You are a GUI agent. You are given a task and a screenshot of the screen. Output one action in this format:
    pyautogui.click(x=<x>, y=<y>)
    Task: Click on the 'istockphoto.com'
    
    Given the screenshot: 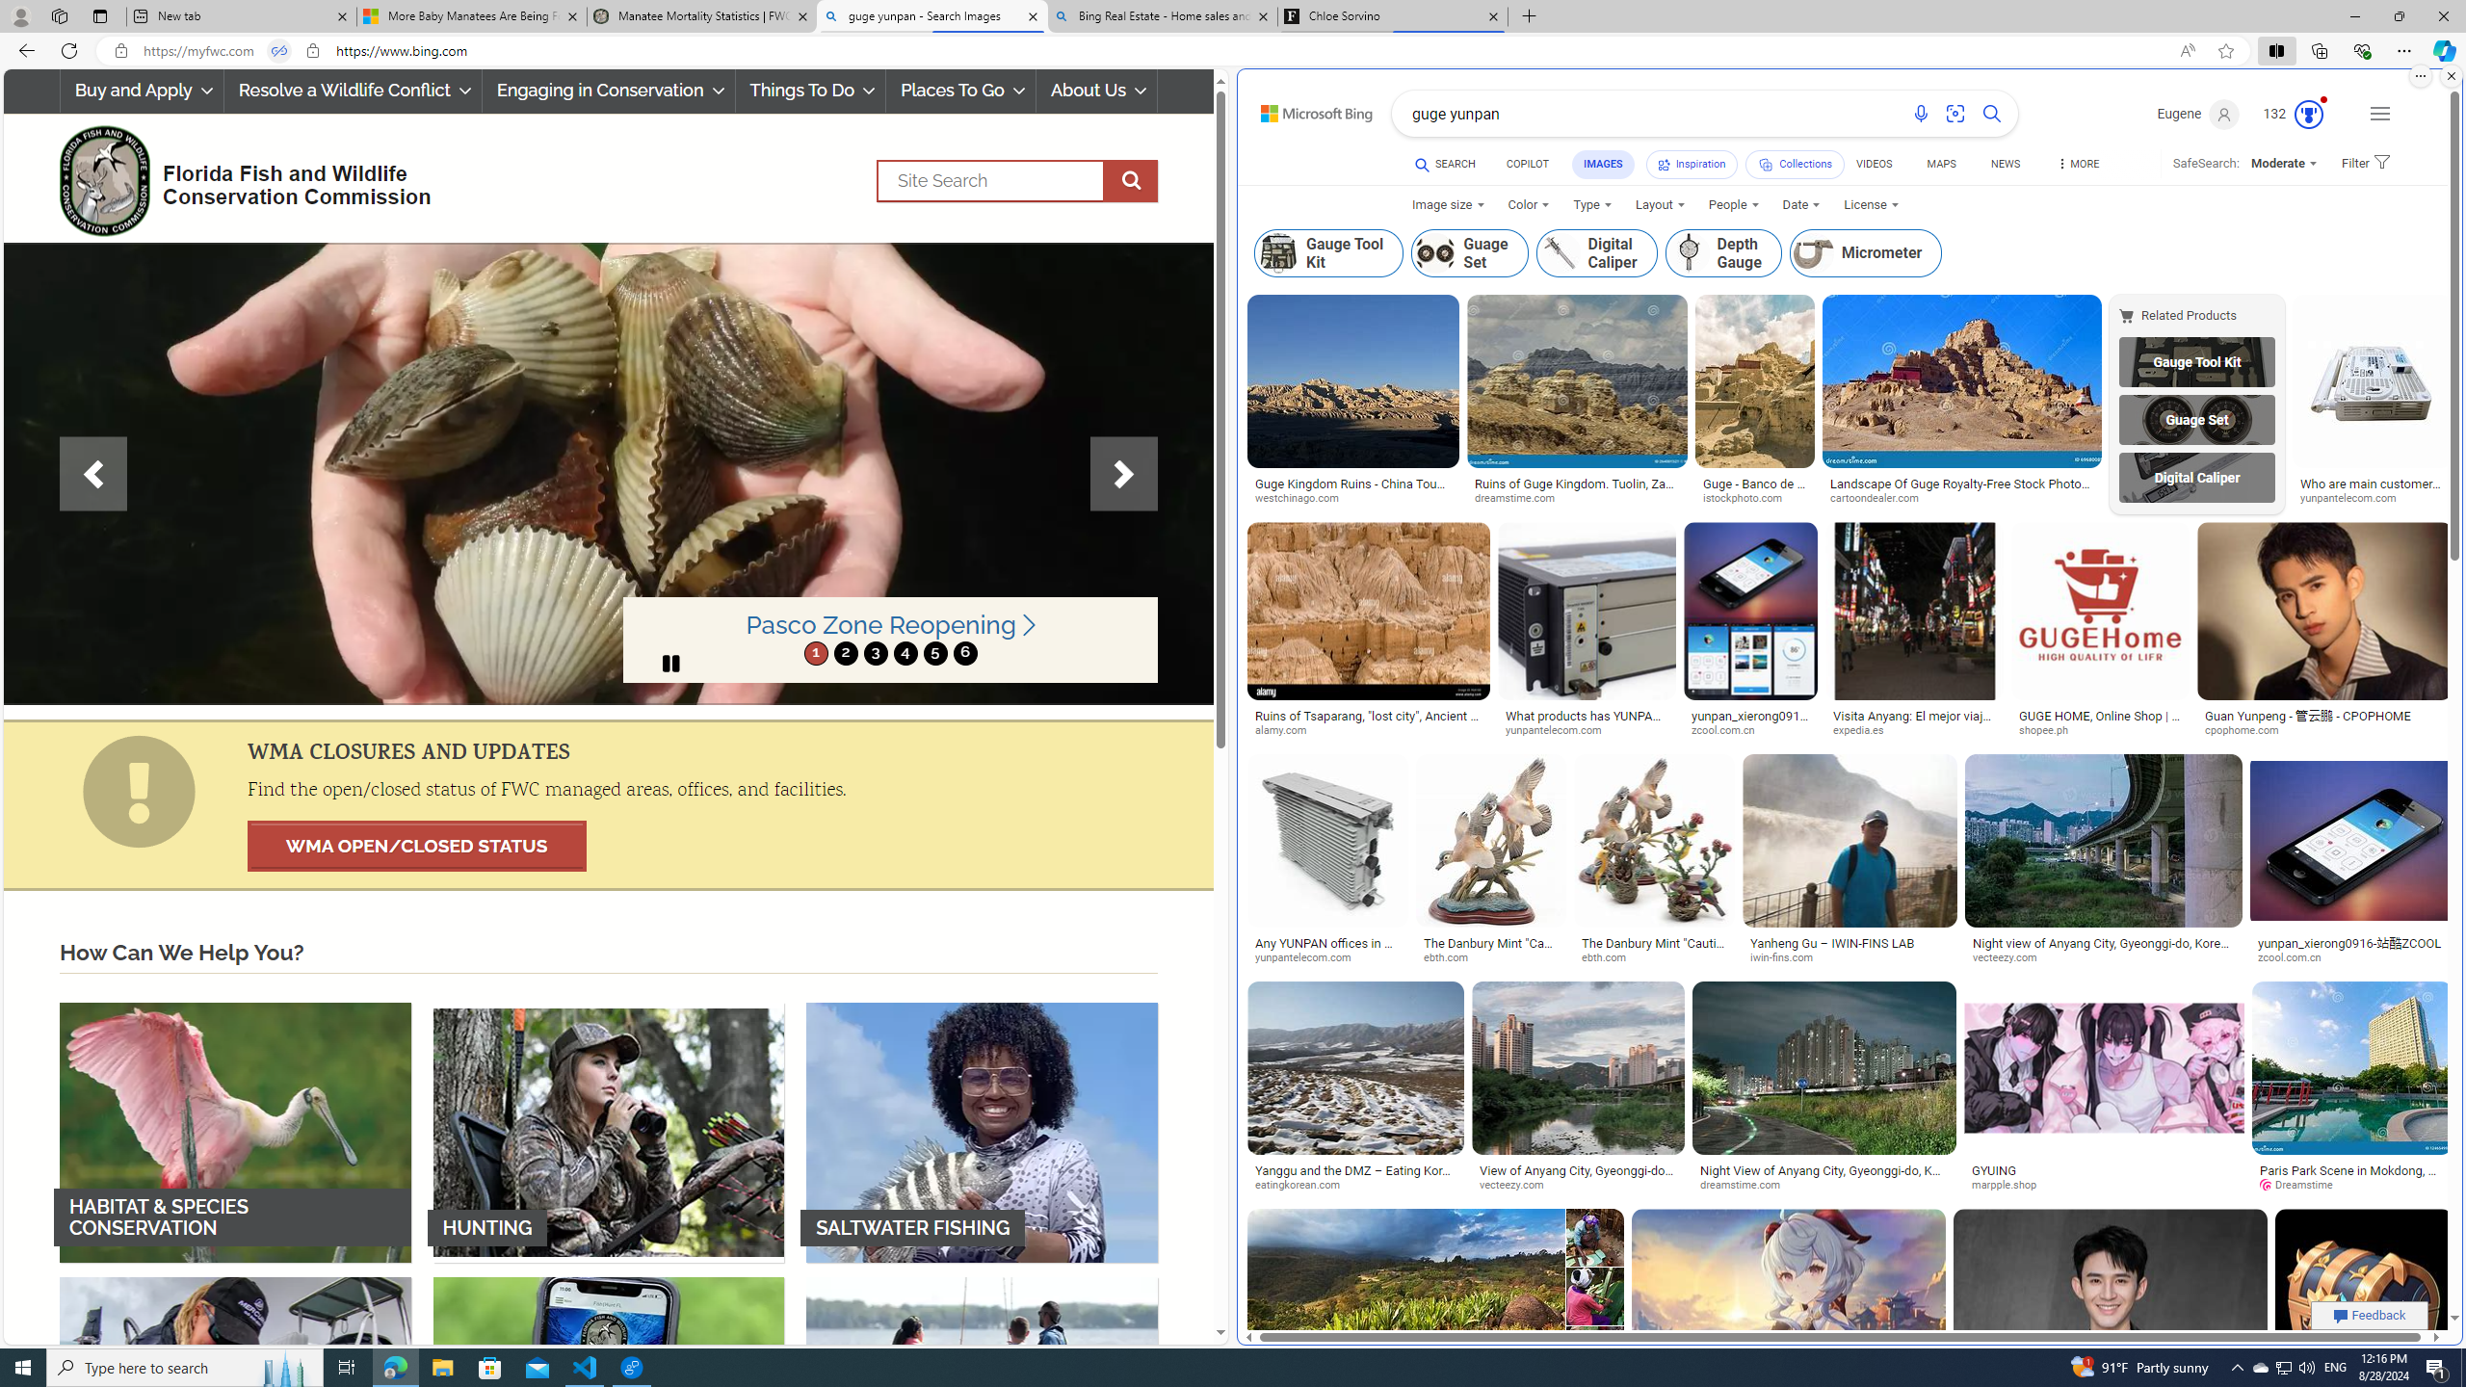 What is the action you would take?
    pyautogui.click(x=1750, y=498)
    